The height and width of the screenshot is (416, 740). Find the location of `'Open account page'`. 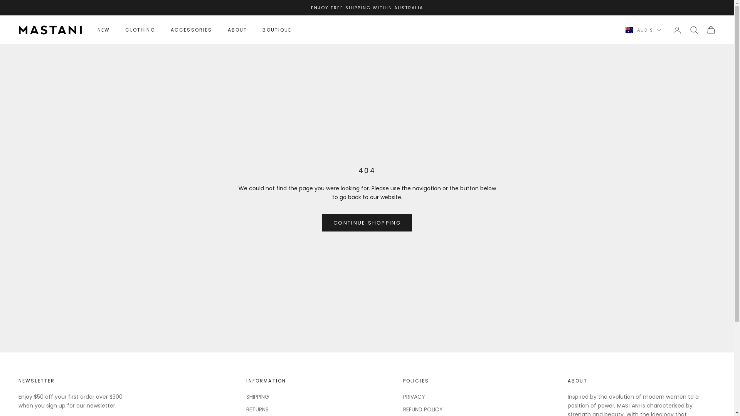

'Open account page' is located at coordinates (676, 29).